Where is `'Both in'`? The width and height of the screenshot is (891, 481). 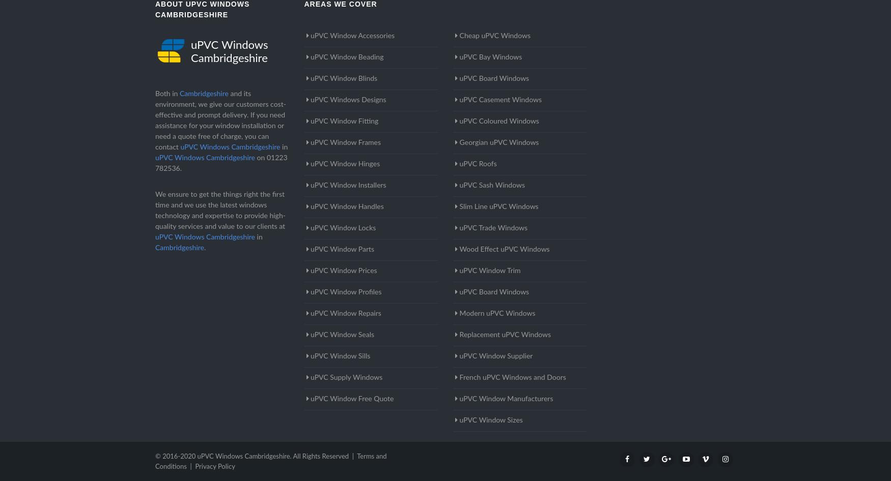 'Both in' is located at coordinates (167, 94).